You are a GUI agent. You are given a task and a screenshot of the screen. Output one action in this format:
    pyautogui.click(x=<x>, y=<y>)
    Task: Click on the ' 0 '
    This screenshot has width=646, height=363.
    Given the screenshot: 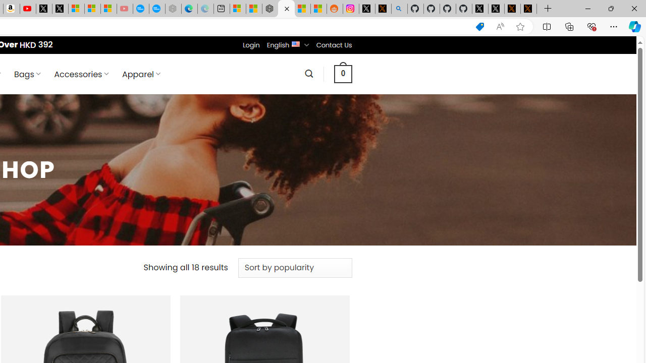 What is the action you would take?
    pyautogui.click(x=343, y=73)
    